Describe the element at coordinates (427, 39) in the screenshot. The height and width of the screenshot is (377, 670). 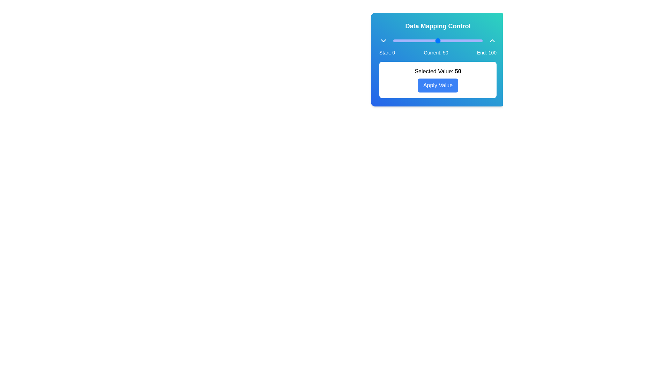
I see `slider value` at that location.